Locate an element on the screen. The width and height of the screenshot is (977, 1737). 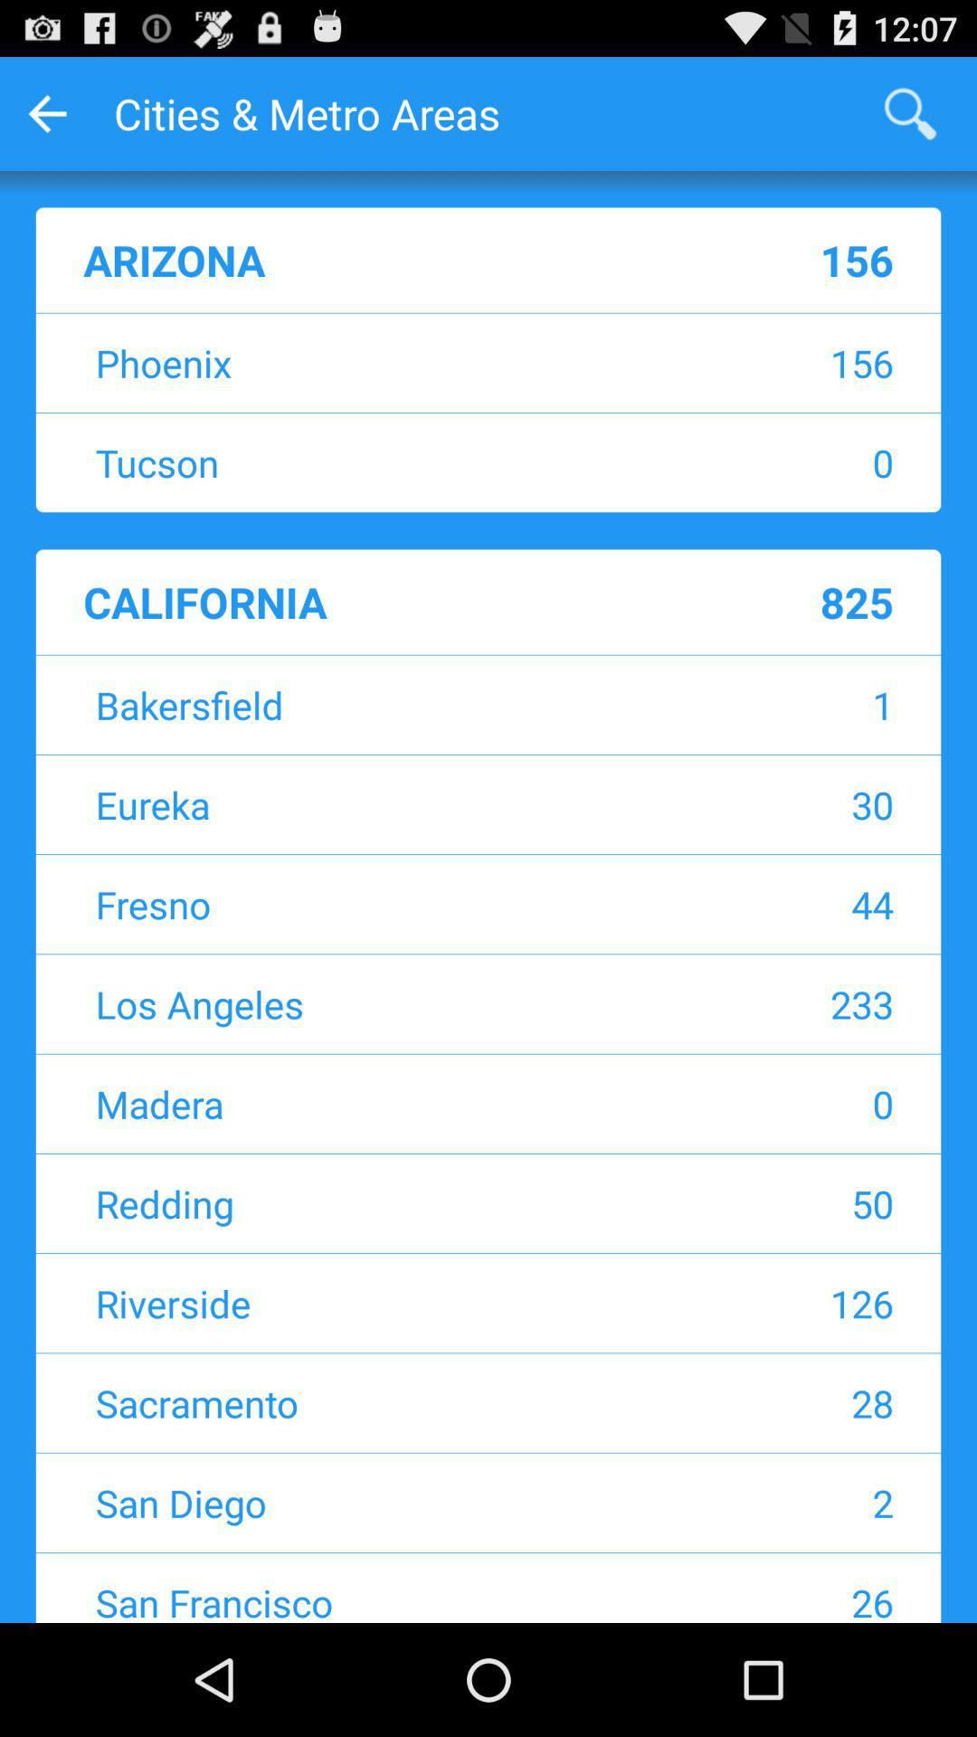
the san diego icon is located at coordinates (375, 1503).